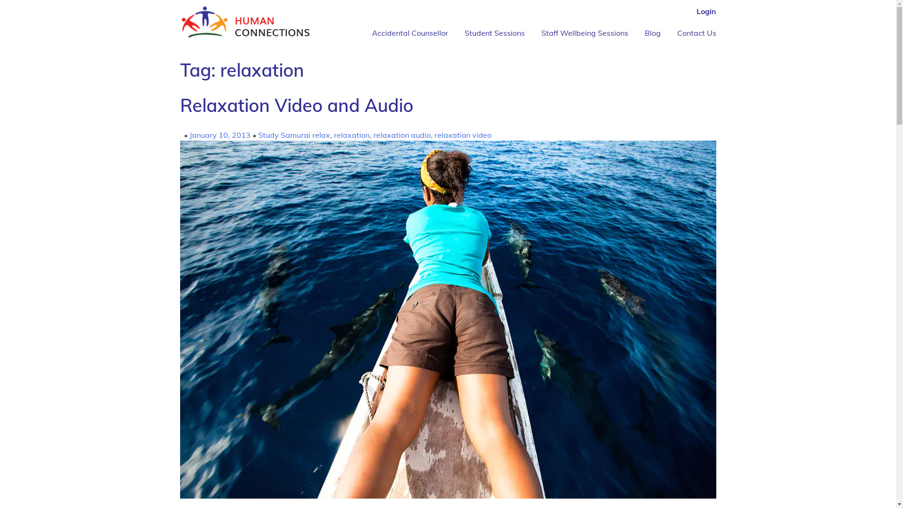 The height and width of the screenshot is (508, 903). What do you see at coordinates (402, 135) in the screenshot?
I see `'relaxation audio'` at bounding box center [402, 135].